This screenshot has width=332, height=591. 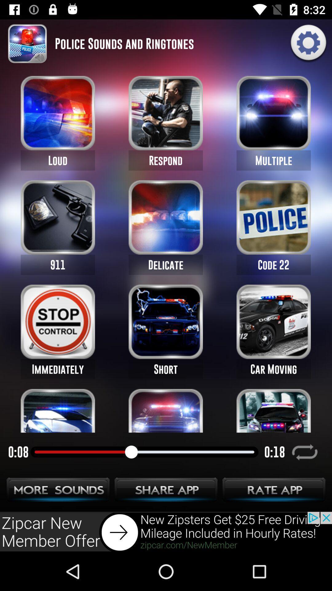 What do you see at coordinates (166, 491) in the screenshot?
I see `the button which is next to more sounds` at bounding box center [166, 491].